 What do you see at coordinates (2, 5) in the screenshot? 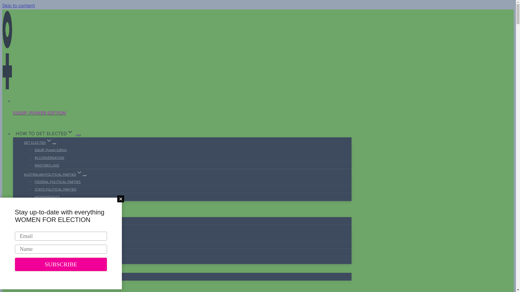
I see `'Skip to content'` at bounding box center [2, 5].